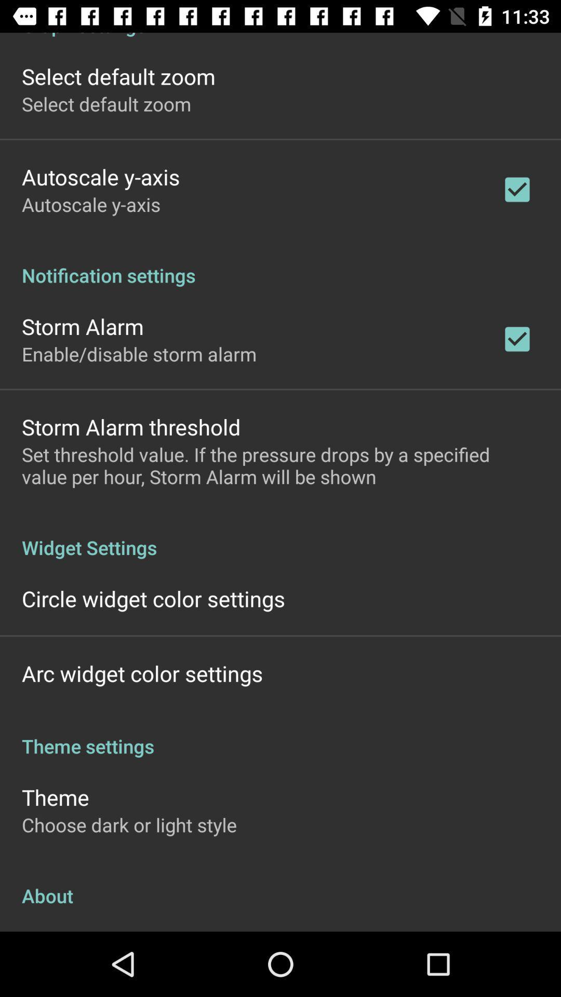 Image resolution: width=561 pixels, height=997 pixels. Describe the element at coordinates (280, 264) in the screenshot. I see `notification settings` at that location.